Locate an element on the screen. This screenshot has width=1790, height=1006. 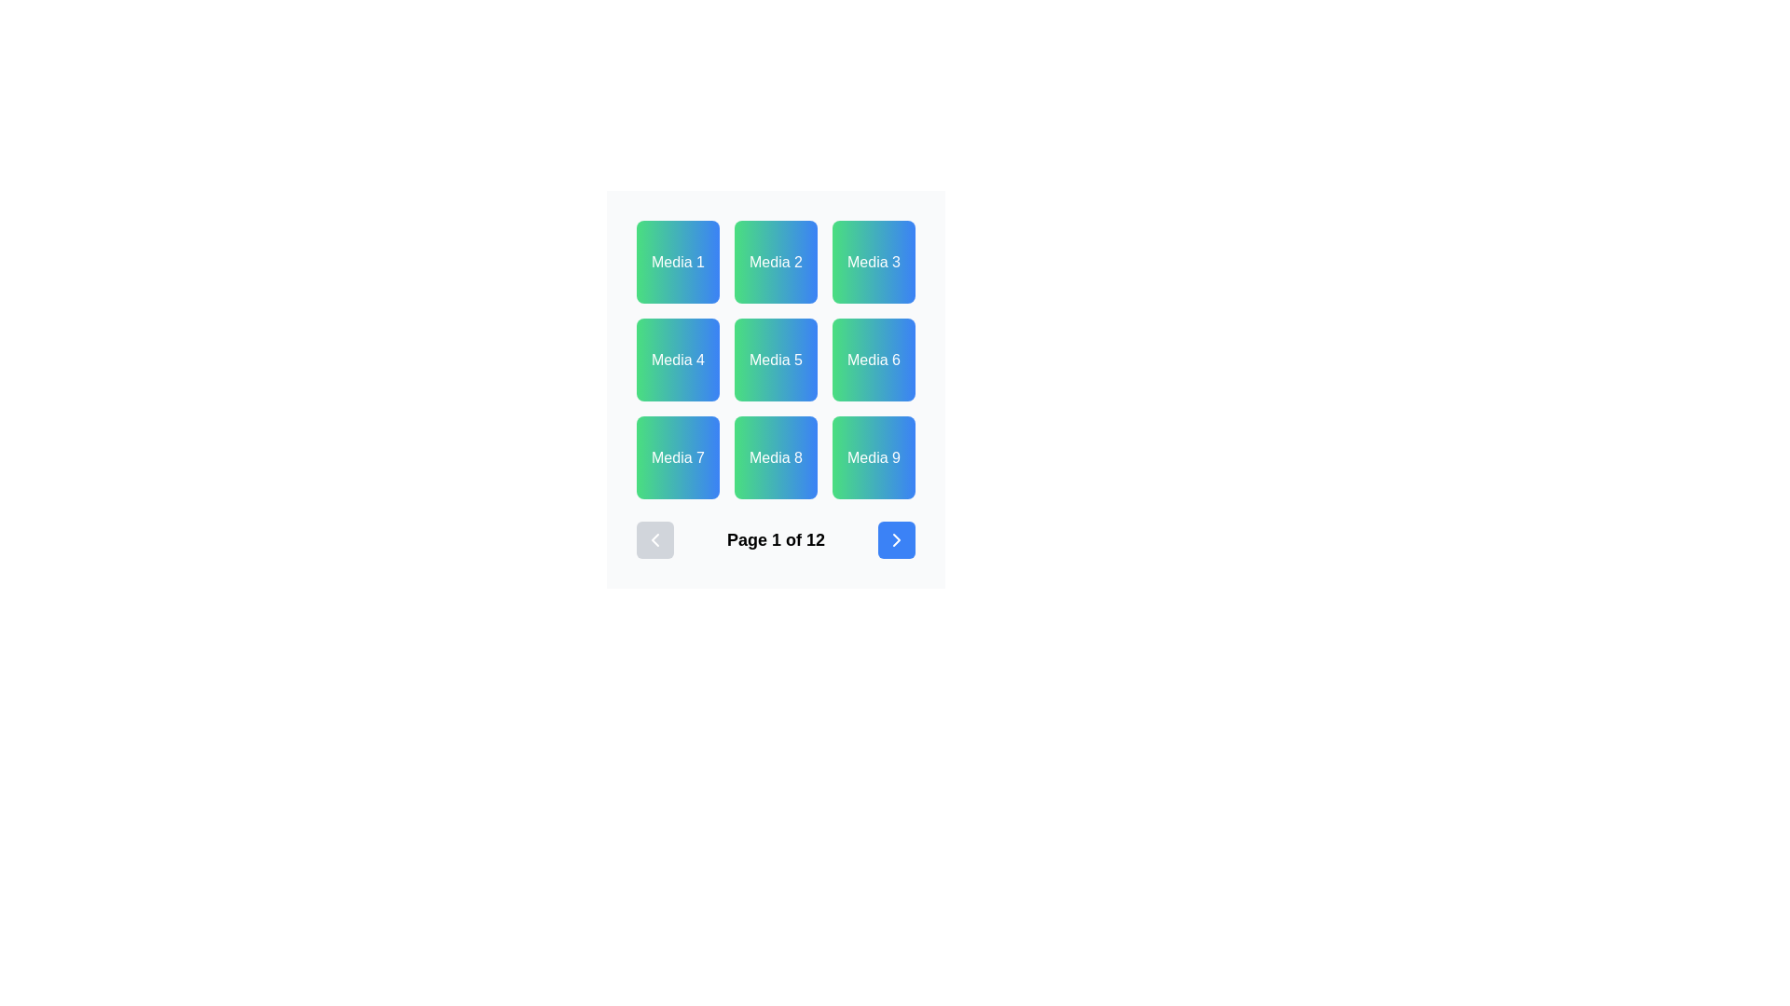
the fifth tile in a 3x3 grid layout, which is the middle tile on the second row, surrounded by 'Media 4' on the left and 'Media 6' on the right is located at coordinates (776, 360).